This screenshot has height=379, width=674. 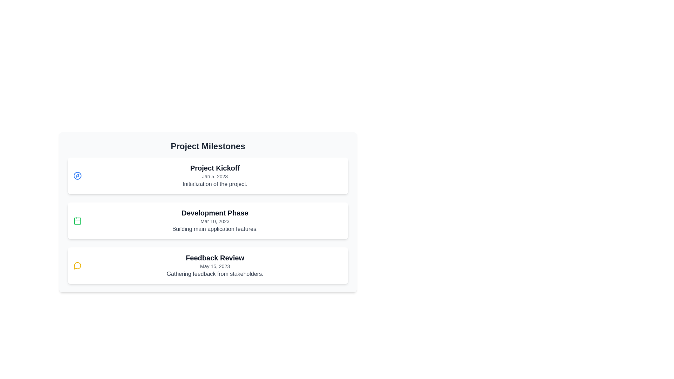 I want to click on the Icon Segment located within the calendar icon, which is positioned left of the text 'Development Phase', so click(x=77, y=220).